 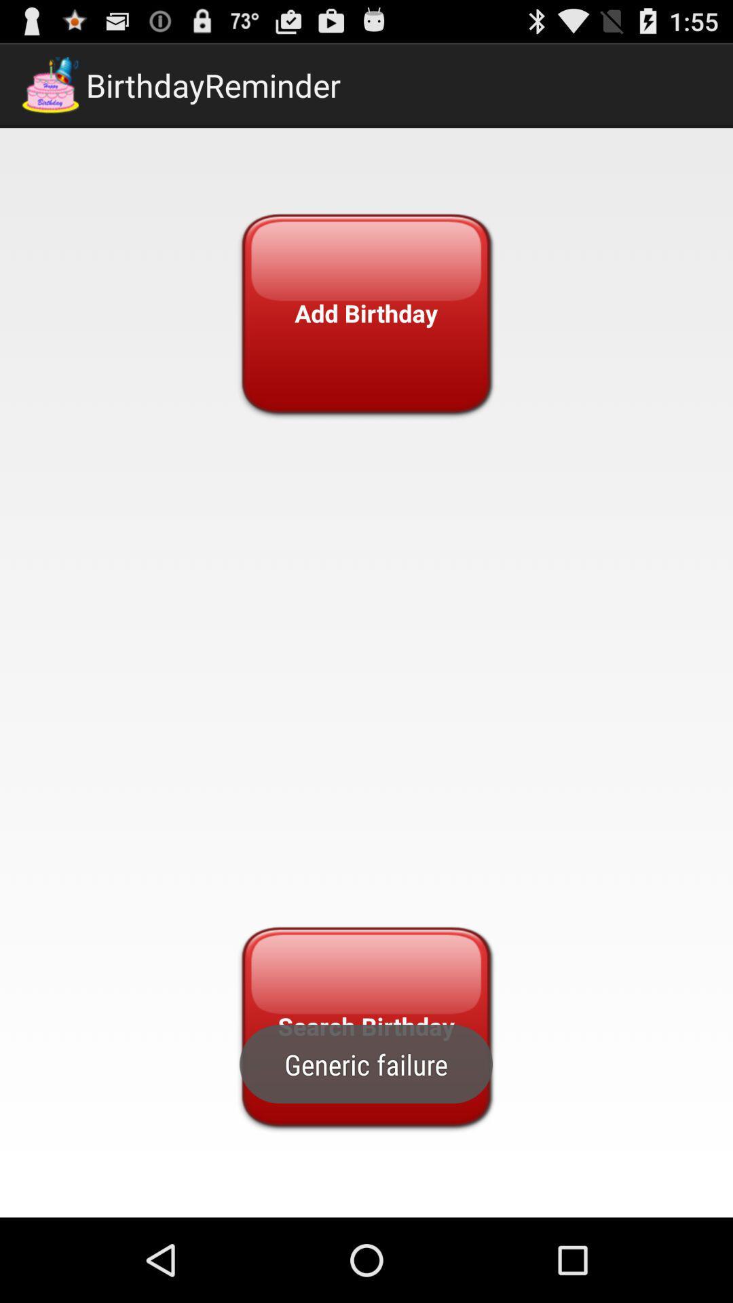 I want to click on the icon above search birthday button, so click(x=365, y=312).